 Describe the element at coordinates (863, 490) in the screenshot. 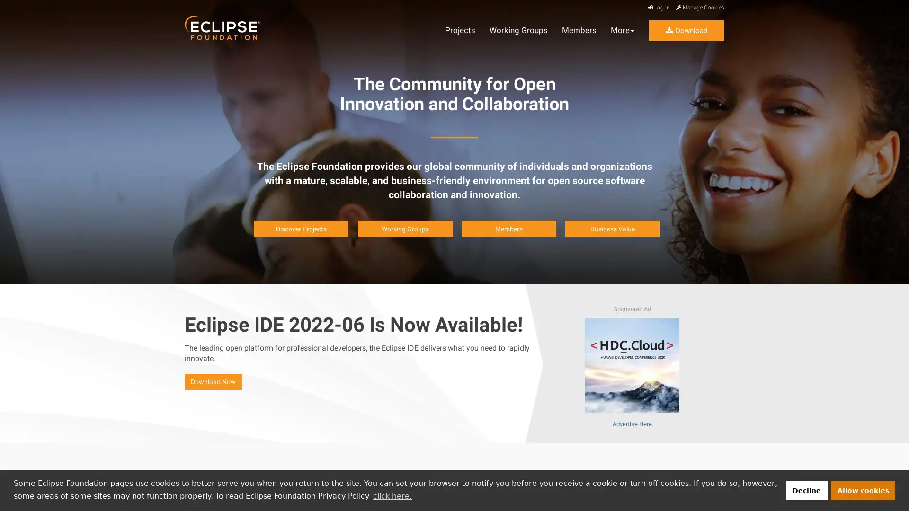

I see `allow cookies` at that location.